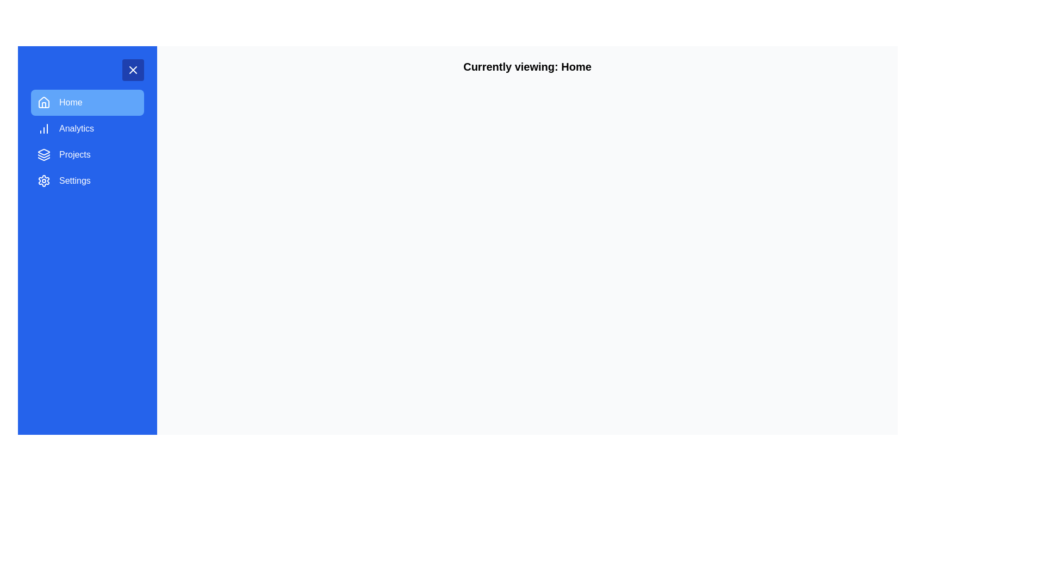 Image resolution: width=1044 pixels, height=587 pixels. I want to click on the 'Analytics' icon located in the navigation menu, which is visually represented to the left of the text label 'Analytics', so click(43, 128).